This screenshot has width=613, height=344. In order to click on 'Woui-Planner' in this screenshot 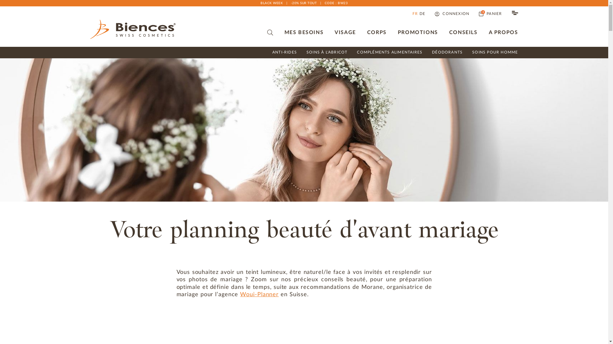, I will do `click(259, 295)`.